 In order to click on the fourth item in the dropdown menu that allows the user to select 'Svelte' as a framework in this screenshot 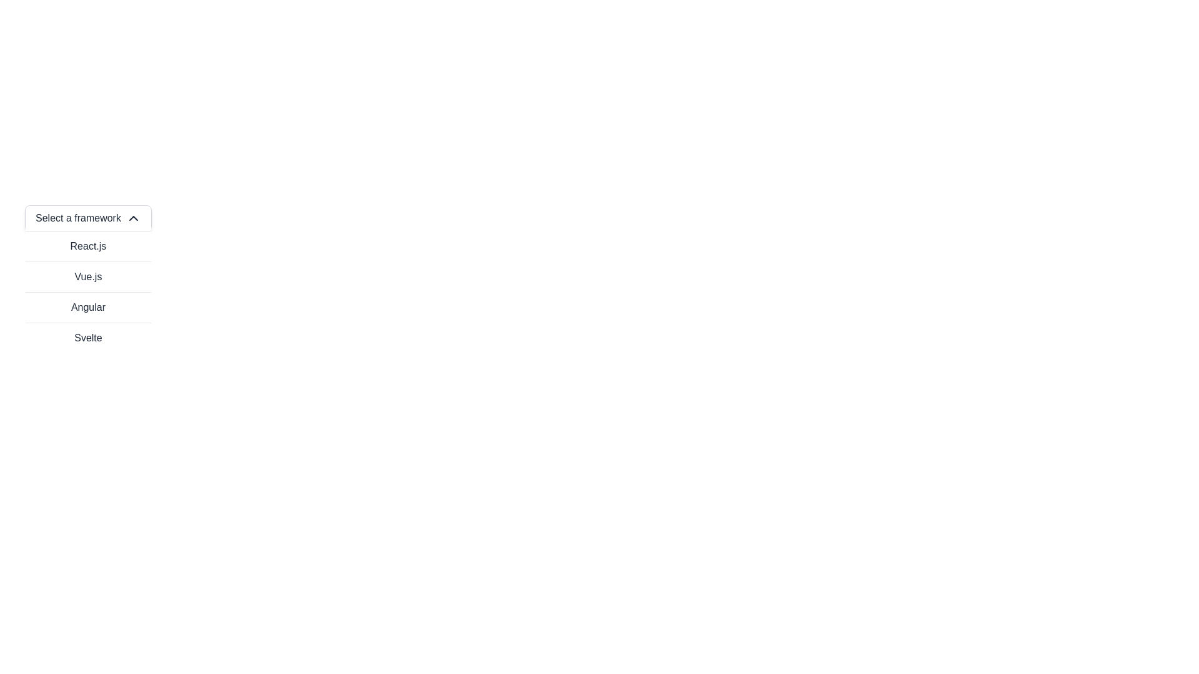, I will do `click(87, 338)`.